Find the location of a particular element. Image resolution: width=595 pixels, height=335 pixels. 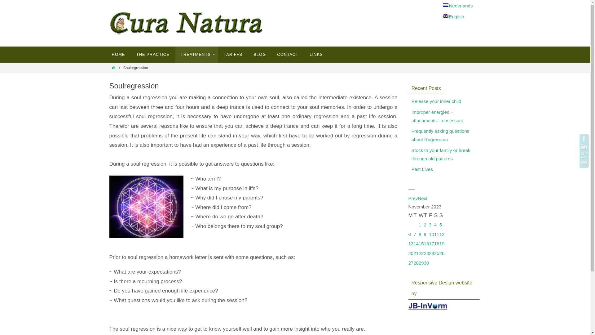

'Responsive Design website by' is located at coordinates (408, 309).